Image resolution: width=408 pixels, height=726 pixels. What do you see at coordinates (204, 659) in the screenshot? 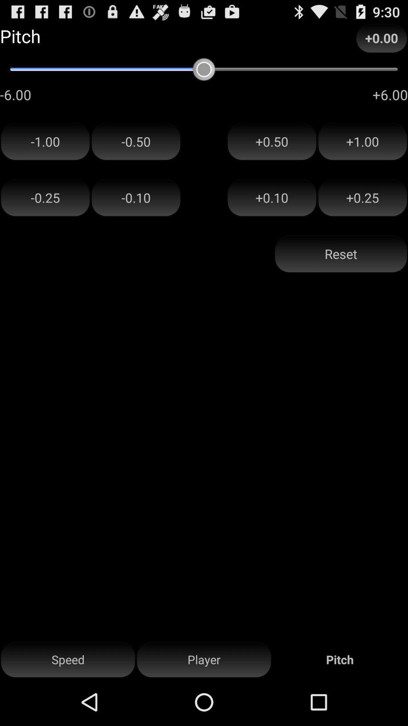
I see `the icon next to the pitch app` at bounding box center [204, 659].